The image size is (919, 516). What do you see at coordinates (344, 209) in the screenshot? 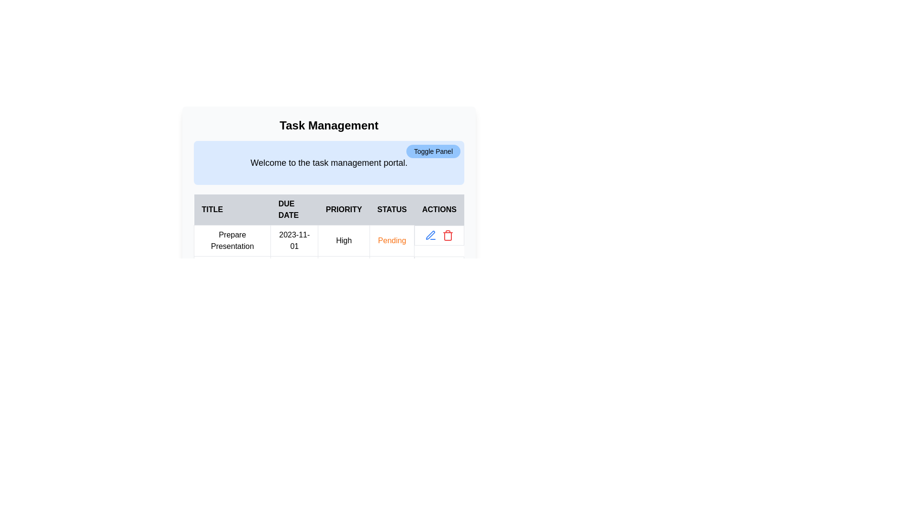
I see `the 'PRIORITY' text label, which is the third label in a row of headers styled in bold black font on a light gray background` at bounding box center [344, 209].